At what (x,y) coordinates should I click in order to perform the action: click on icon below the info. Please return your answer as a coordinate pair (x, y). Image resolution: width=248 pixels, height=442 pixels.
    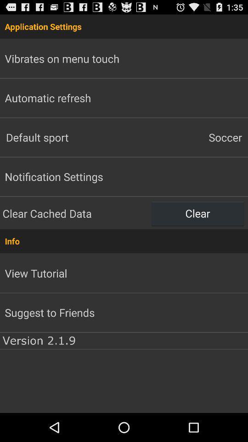
    Looking at the image, I should click on (35, 273).